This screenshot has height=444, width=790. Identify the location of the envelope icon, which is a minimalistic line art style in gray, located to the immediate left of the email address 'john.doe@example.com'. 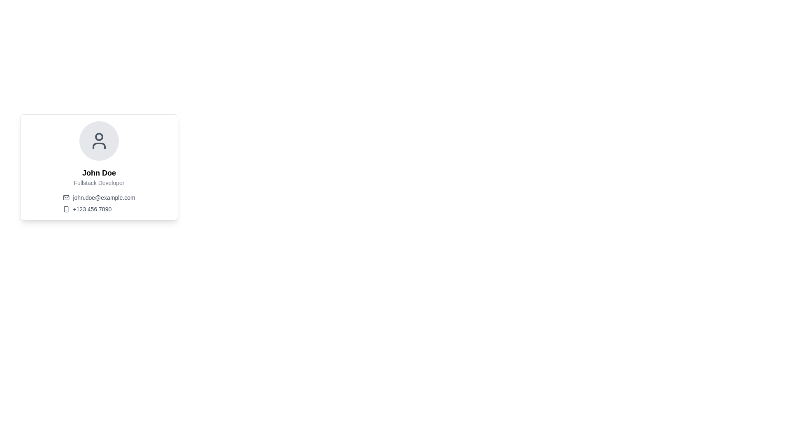
(66, 198).